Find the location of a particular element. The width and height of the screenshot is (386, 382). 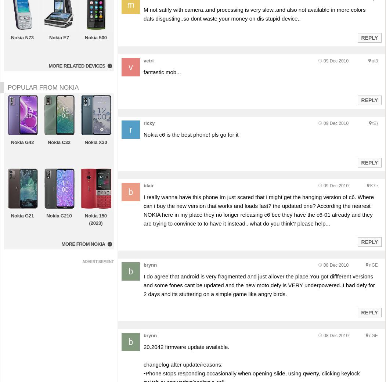

'Nokia 500' is located at coordinates (84, 37).